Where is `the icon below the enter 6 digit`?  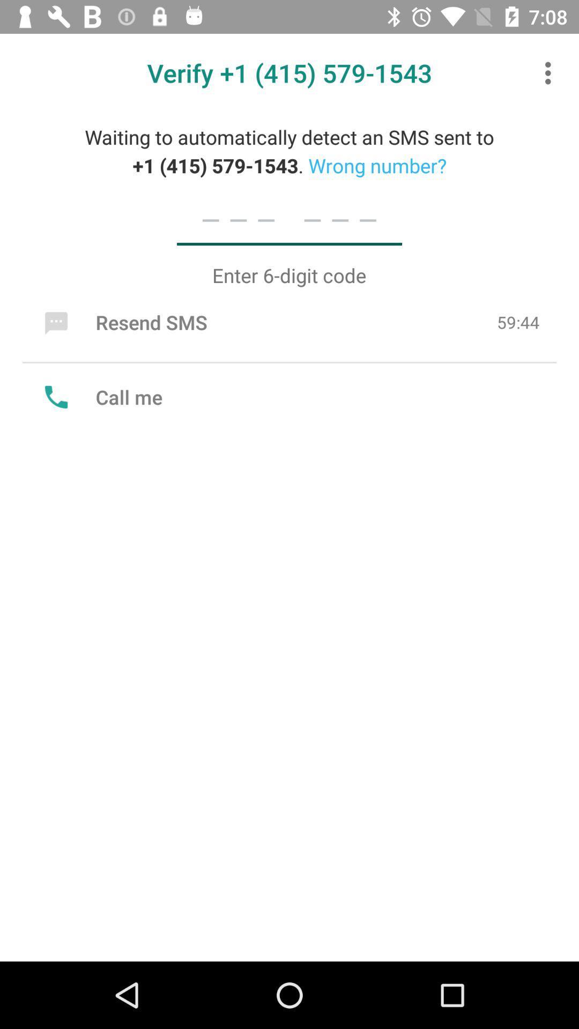
the icon below the enter 6 digit is located at coordinates (123, 322).